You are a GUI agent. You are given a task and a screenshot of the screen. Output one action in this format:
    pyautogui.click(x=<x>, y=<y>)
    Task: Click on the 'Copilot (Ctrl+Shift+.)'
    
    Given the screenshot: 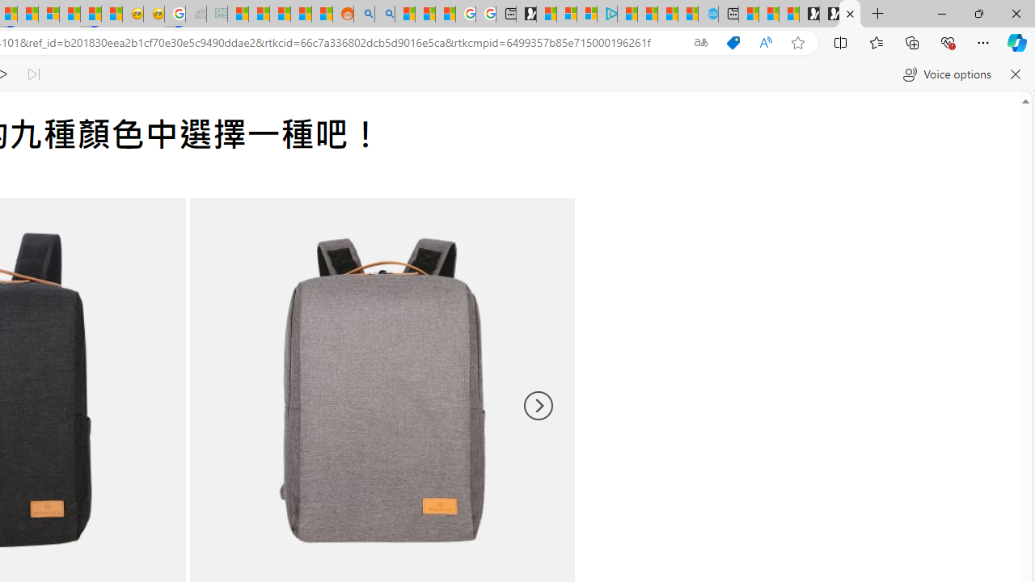 What is the action you would take?
    pyautogui.click(x=1016, y=41)
    